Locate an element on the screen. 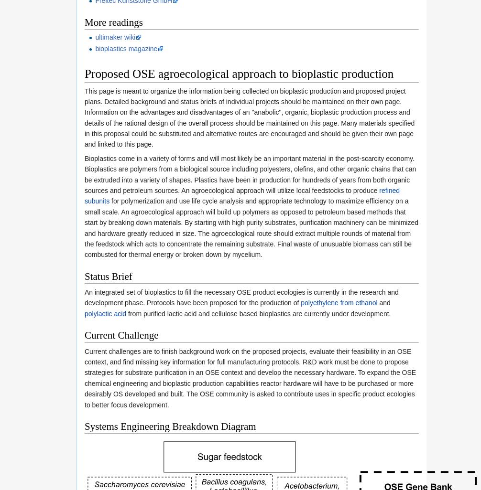 This screenshot has width=481, height=490. 'Bioplastics come in a variety of forms and will most likely be an important material in the post-scarcity economy. Bioplastics are polymers from a biological source including polyesters, olefins, and other organic chains that can be extruded into a variety of shapes. Plastics have been in production for hundreds of years from both organic sources and petroleum sources. An agroecological approach will utilize local feedstocks to produce' is located at coordinates (250, 174).